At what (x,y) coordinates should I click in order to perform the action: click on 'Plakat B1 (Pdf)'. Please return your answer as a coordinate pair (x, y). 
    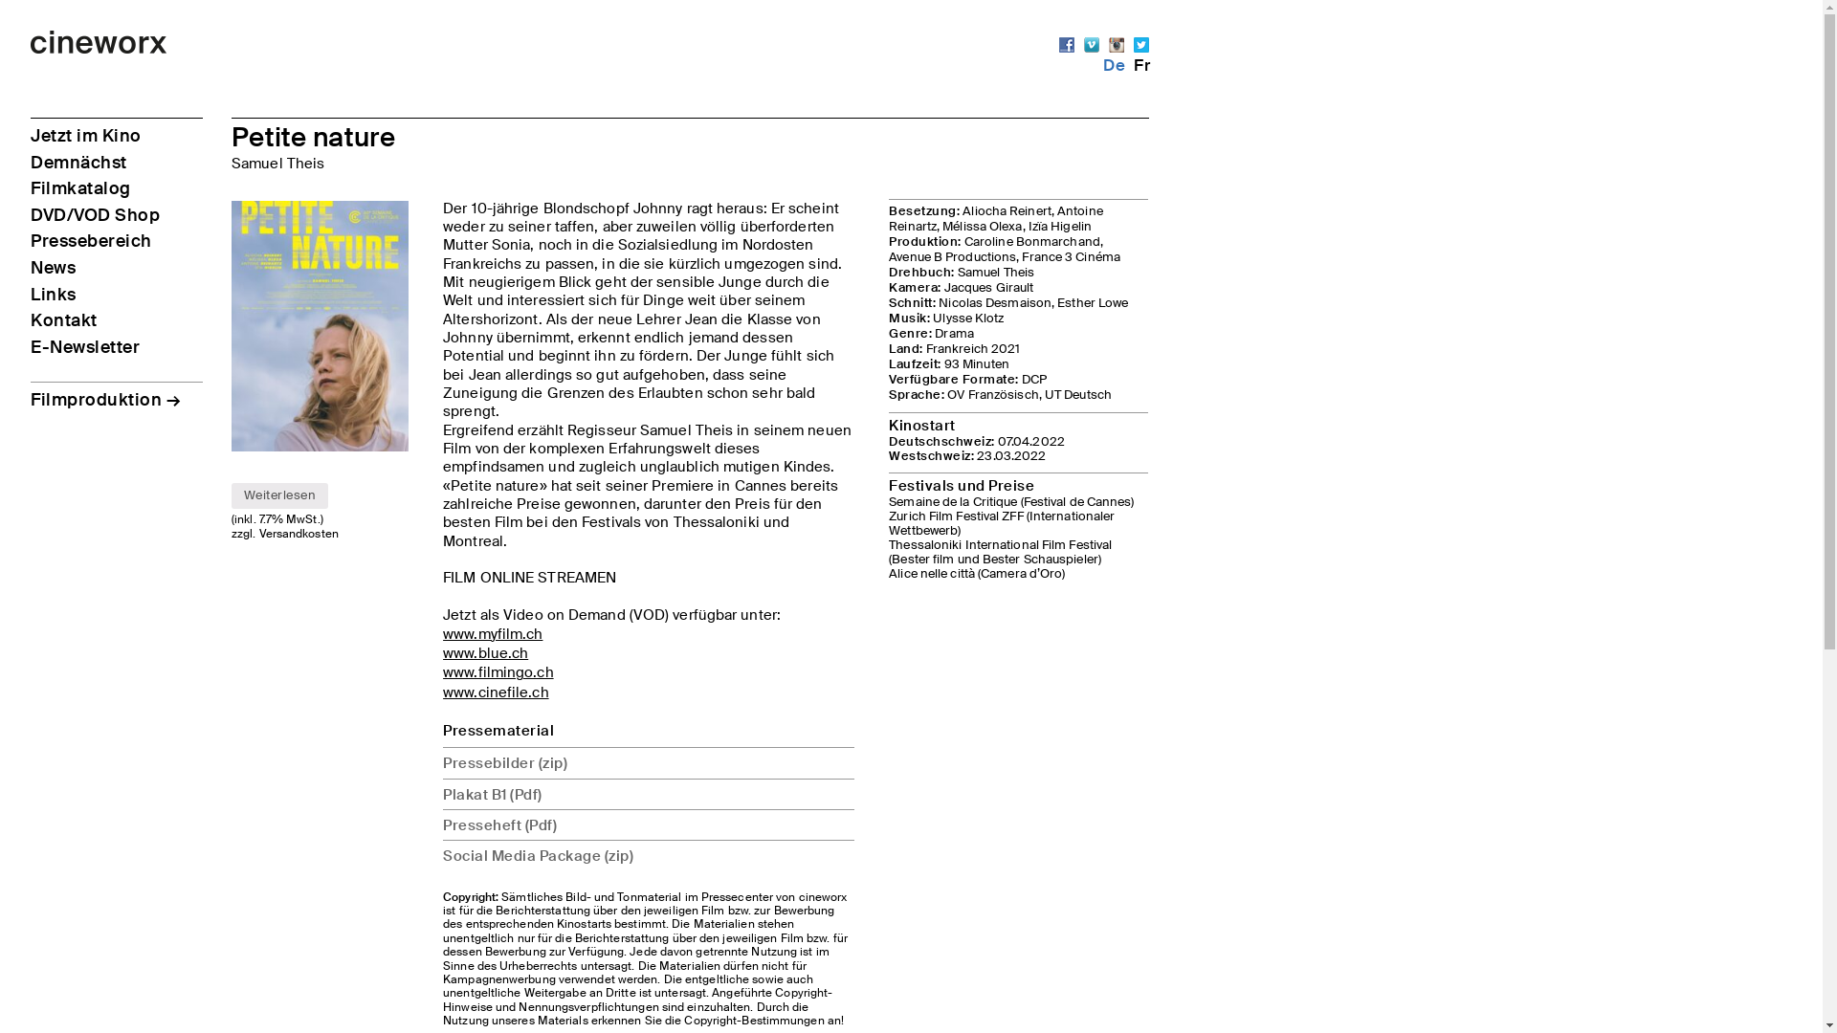
    Looking at the image, I should click on (648, 793).